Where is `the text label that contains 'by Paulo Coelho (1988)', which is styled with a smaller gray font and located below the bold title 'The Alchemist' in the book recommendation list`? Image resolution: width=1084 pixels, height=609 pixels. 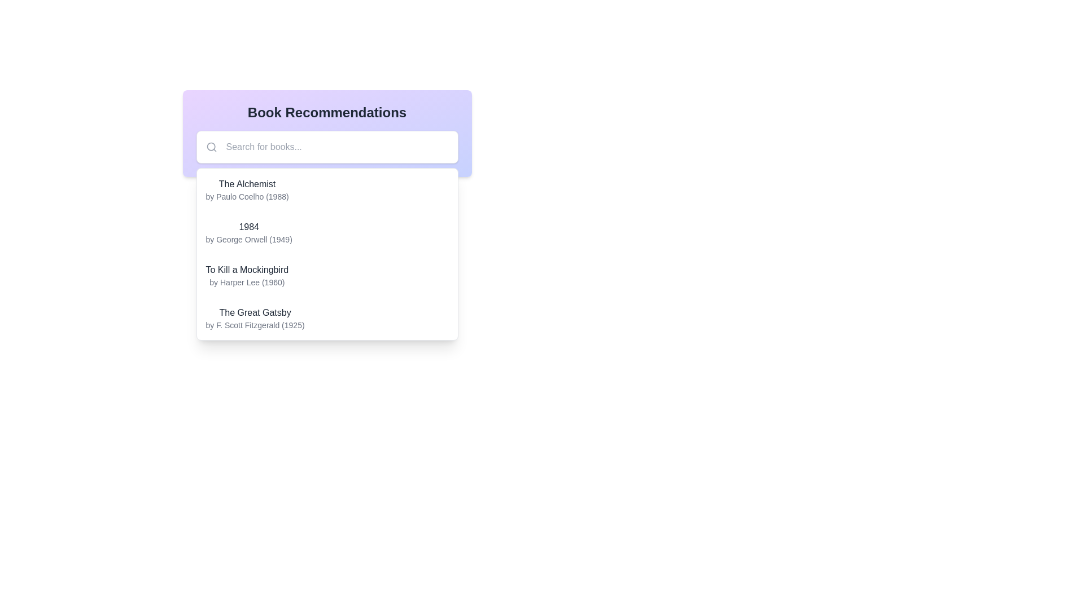 the text label that contains 'by Paulo Coelho (1988)', which is styled with a smaller gray font and located below the bold title 'The Alchemist' in the book recommendation list is located at coordinates (247, 196).